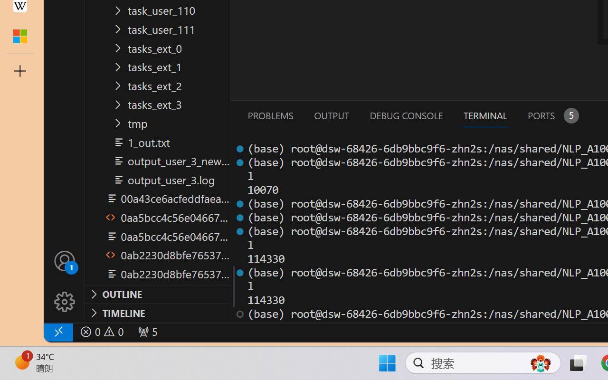  What do you see at coordinates (57, 332) in the screenshot?
I see `'remote'` at bounding box center [57, 332].